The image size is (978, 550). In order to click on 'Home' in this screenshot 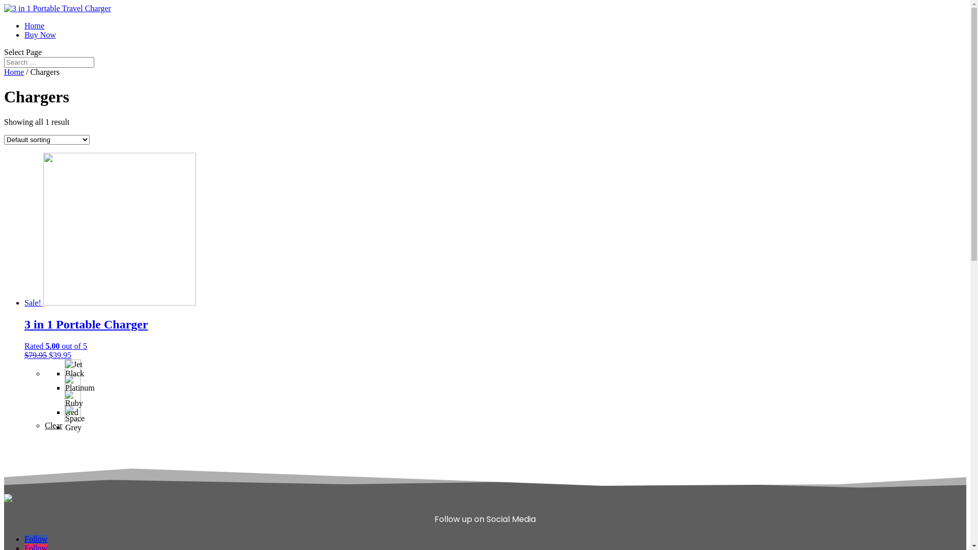, I will do `click(14, 71)`.